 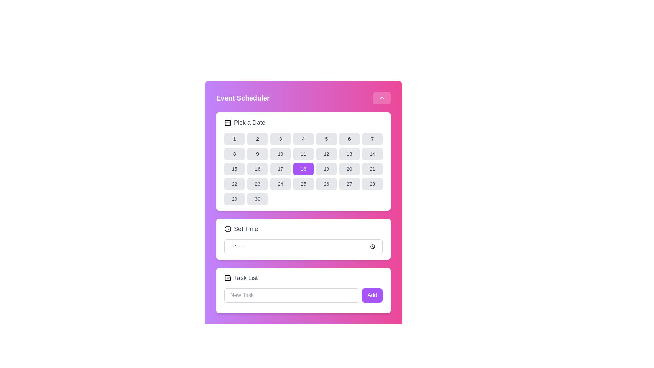 What do you see at coordinates (303, 184) in the screenshot?
I see `the selectable date button in the calendar interface located in the fifth row and fourth column under the 'Pick a Date' header` at bounding box center [303, 184].